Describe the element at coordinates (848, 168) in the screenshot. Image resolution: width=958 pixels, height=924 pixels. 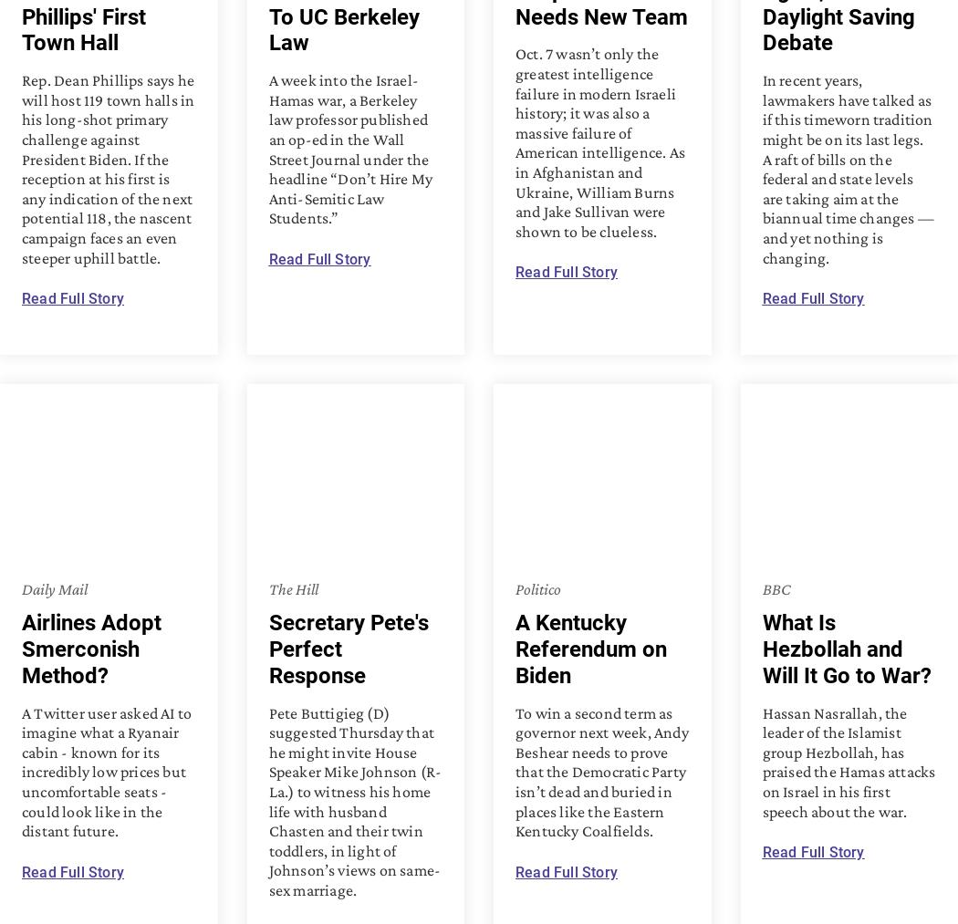
I see `'In recent years, lawmakers have talked as if this timeworn tradition might be on its last legs. A raft of bills on the federal and state levels are taking aim at the biannual time changes — and yet nothing is changing.'` at that location.